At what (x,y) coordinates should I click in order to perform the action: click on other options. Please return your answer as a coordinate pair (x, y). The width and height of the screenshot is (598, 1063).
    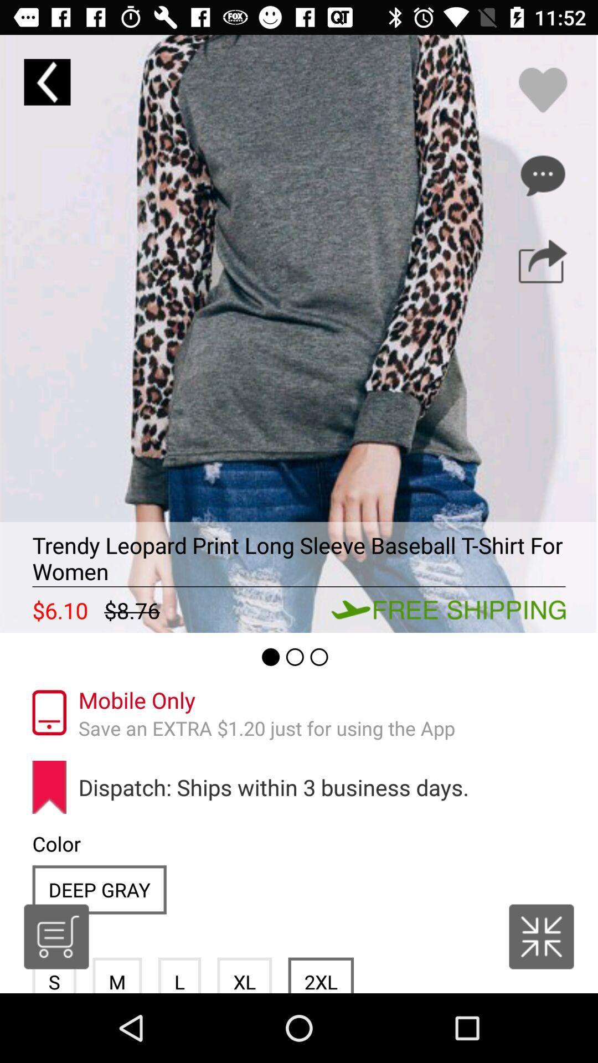
    Looking at the image, I should click on (542, 175).